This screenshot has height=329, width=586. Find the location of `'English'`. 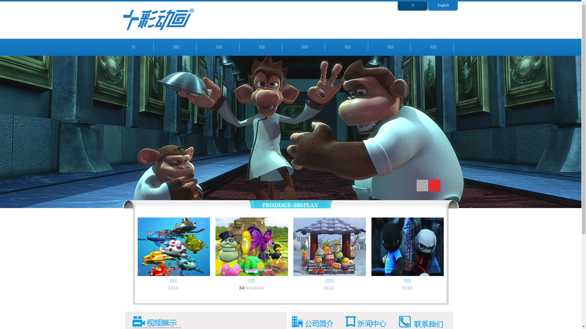

'English' is located at coordinates (443, 5).